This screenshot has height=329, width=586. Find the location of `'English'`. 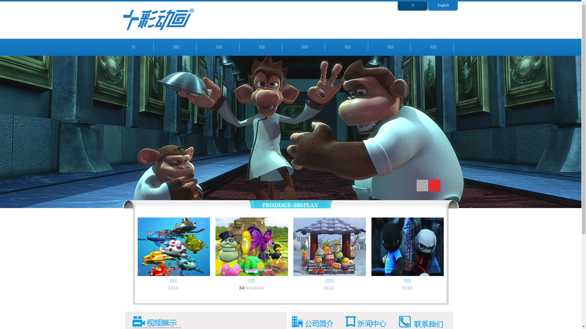

'English' is located at coordinates (443, 5).